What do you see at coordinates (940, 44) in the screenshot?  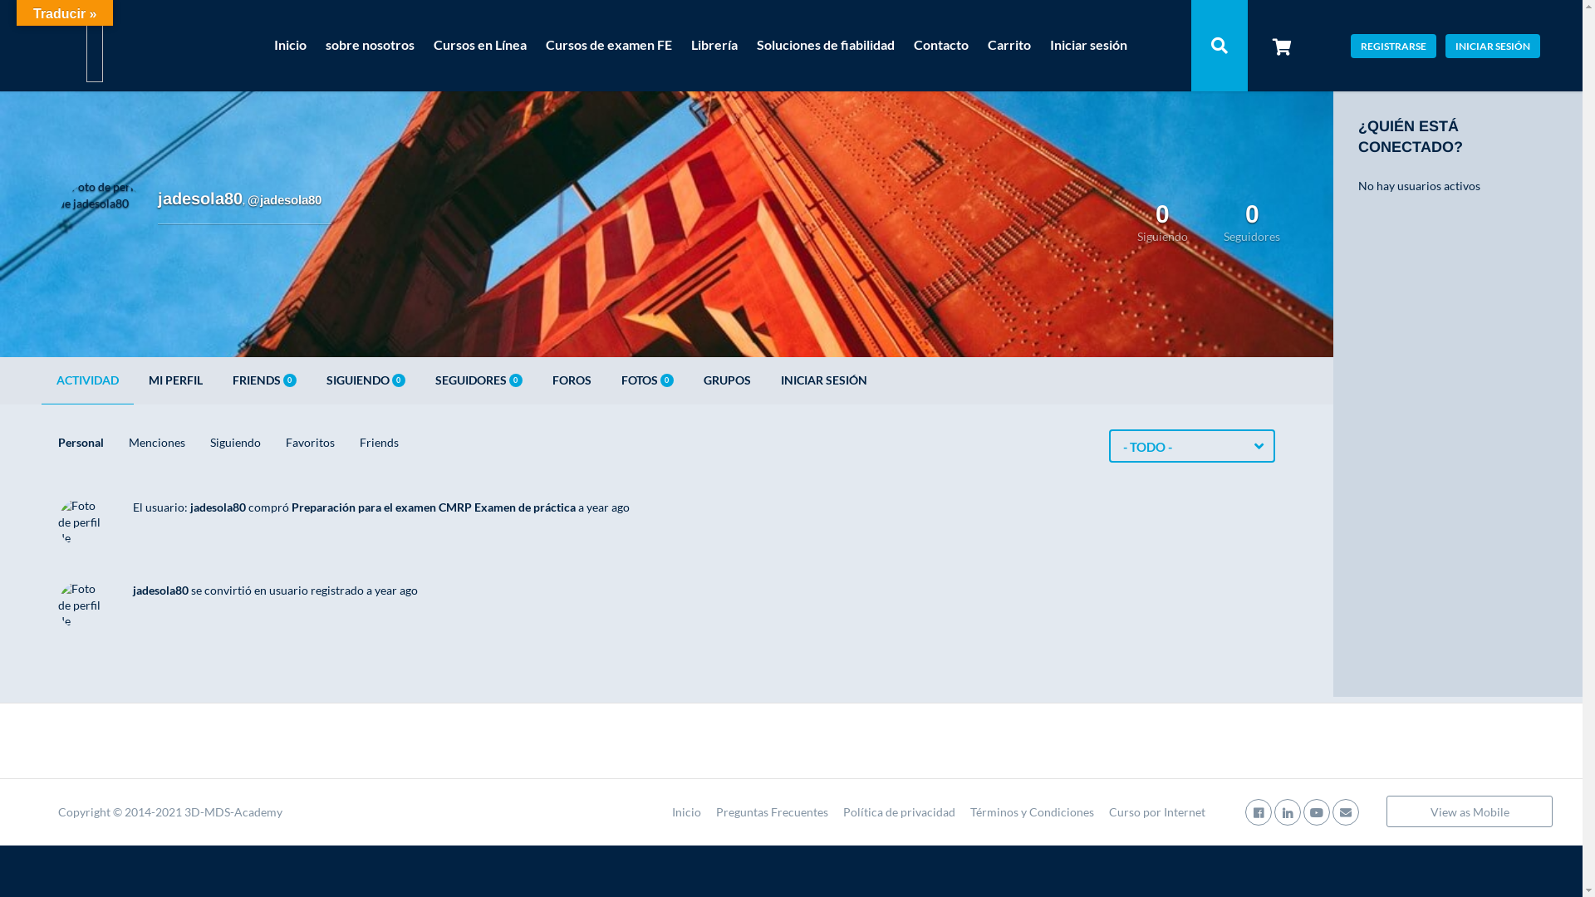 I see `'Contacto'` at bounding box center [940, 44].